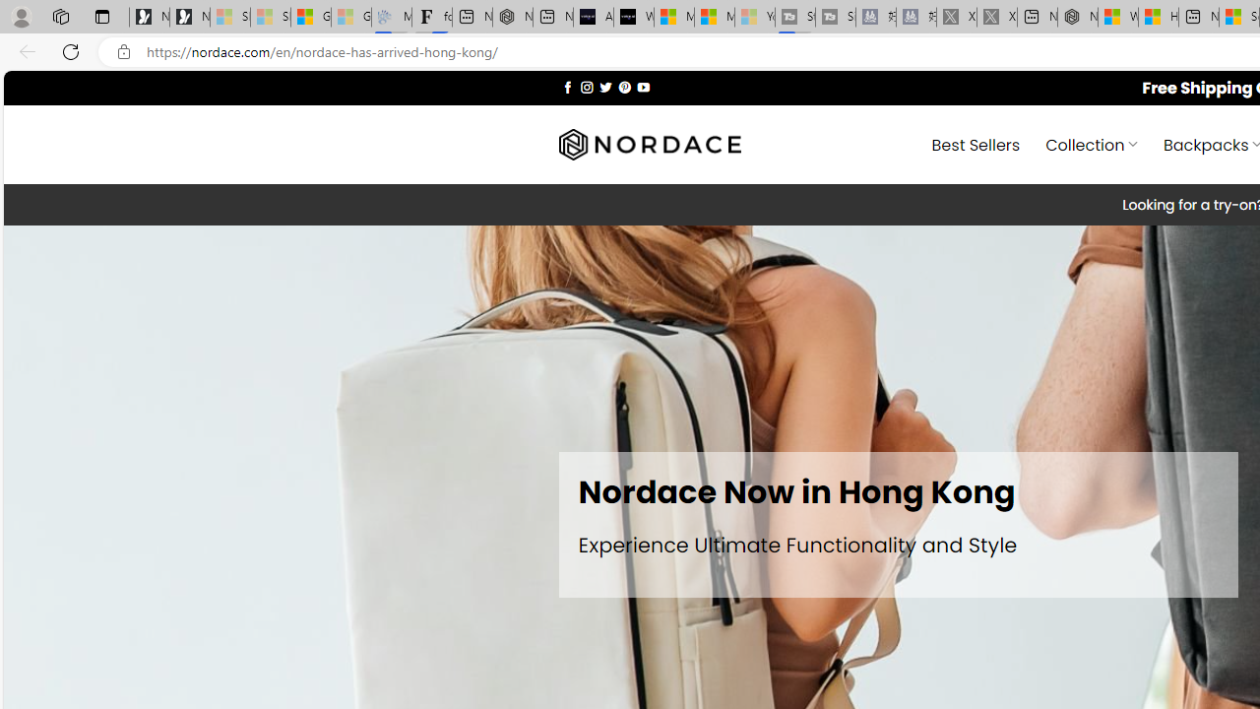 The image size is (1260, 709). Describe the element at coordinates (604, 86) in the screenshot. I see `'Follow on Twitter'` at that location.